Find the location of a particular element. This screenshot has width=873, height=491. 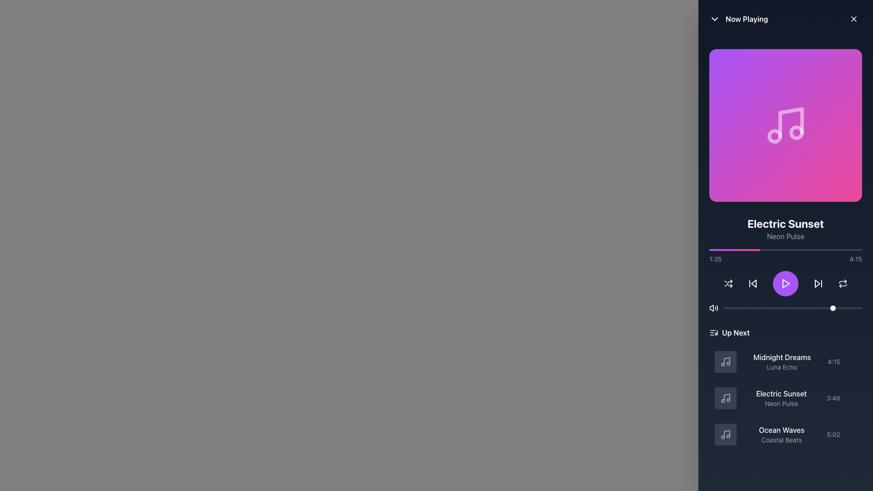

the Heading Label with Icon located at the top of the list section is located at coordinates (785, 333).